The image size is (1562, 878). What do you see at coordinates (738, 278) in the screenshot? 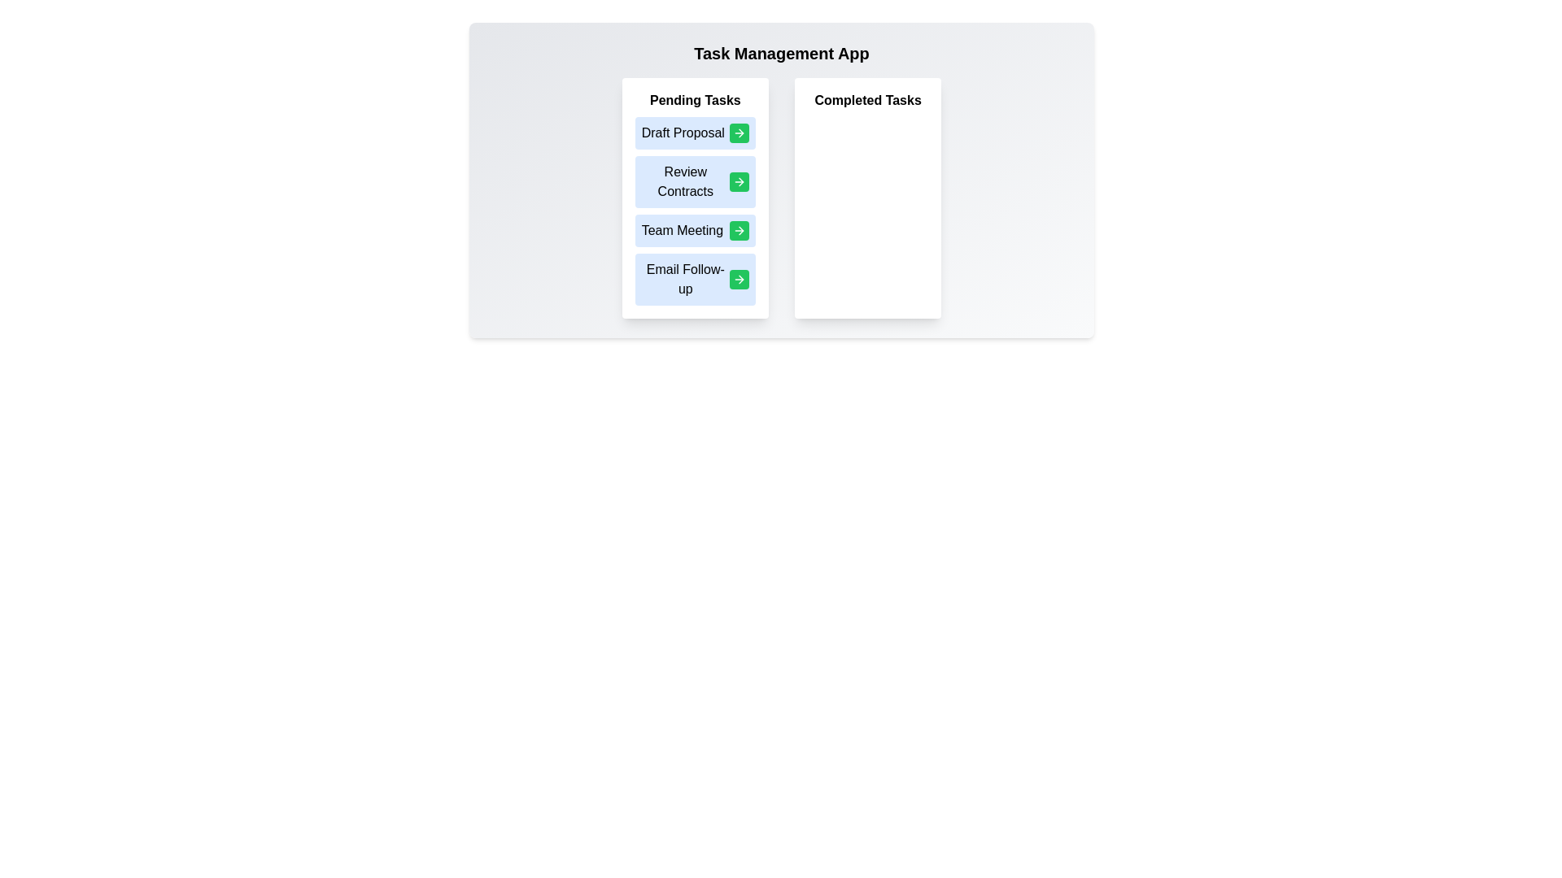
I see `green button next to the task labeled Email Follow-up to move it to the Completed Tasks list` at bounding box center [738, 278].